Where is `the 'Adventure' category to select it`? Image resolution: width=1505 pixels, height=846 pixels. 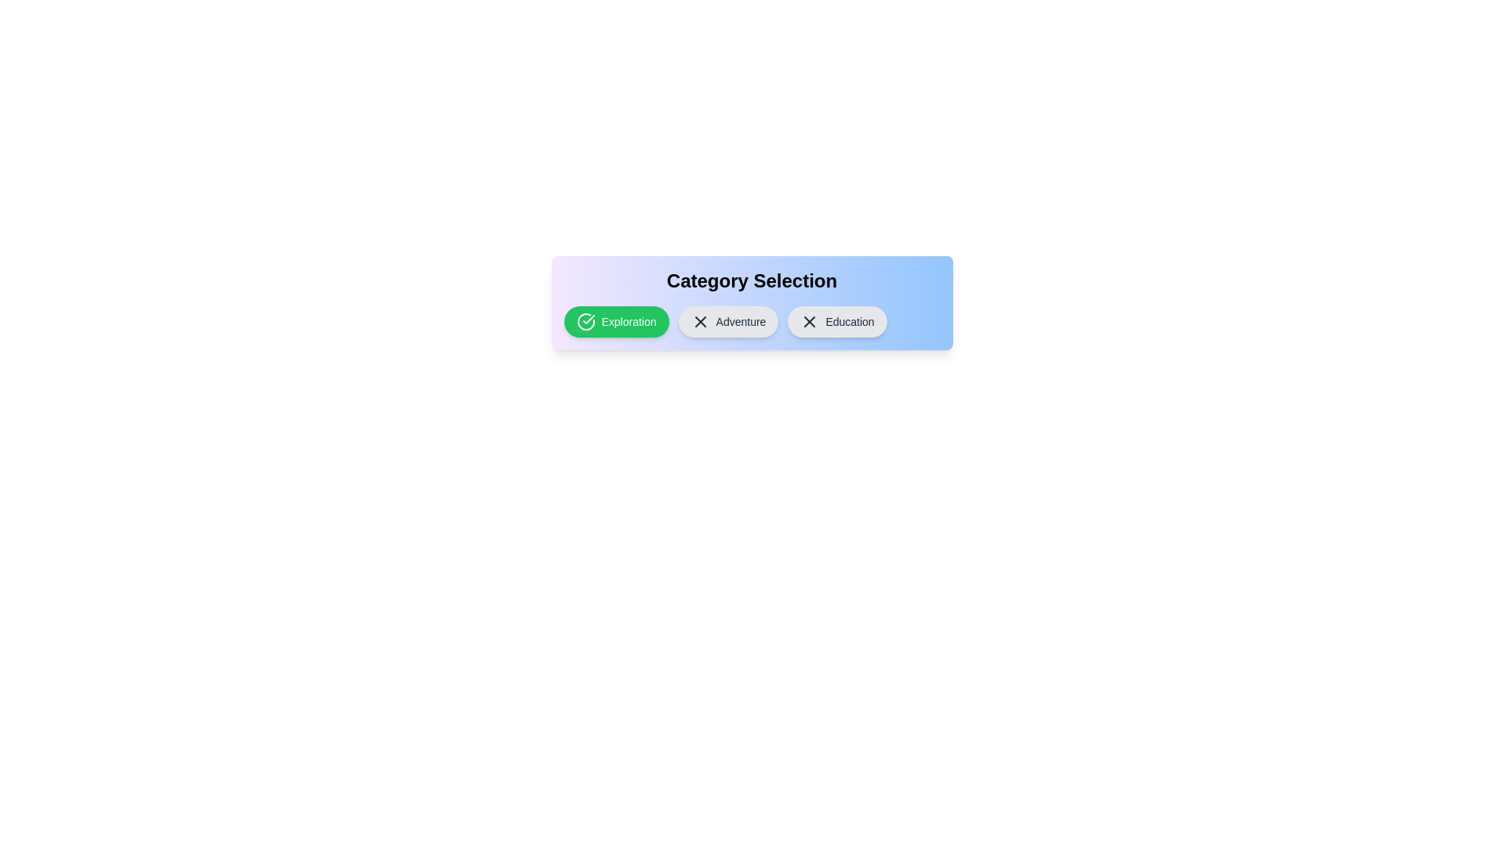 the 'Adventure' category to select it is located at coordinates (727, 321).